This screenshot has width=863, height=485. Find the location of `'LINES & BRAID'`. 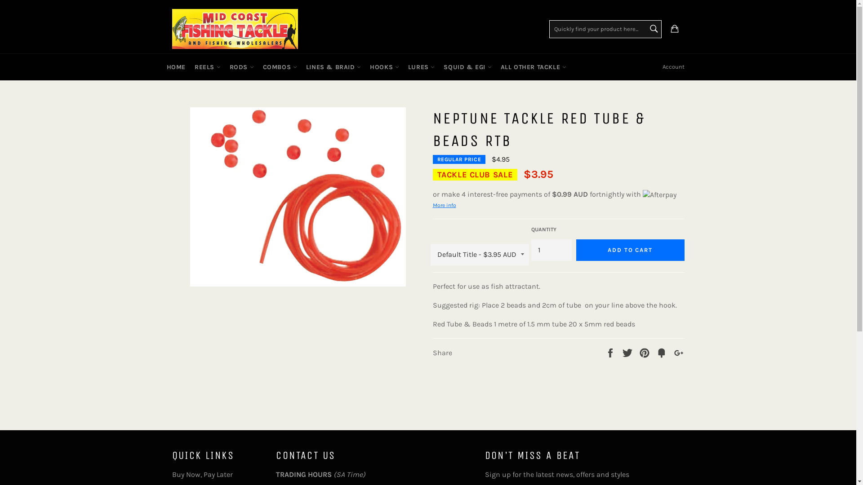

'LINES & BRAID' is located at coordinates (333, 66).